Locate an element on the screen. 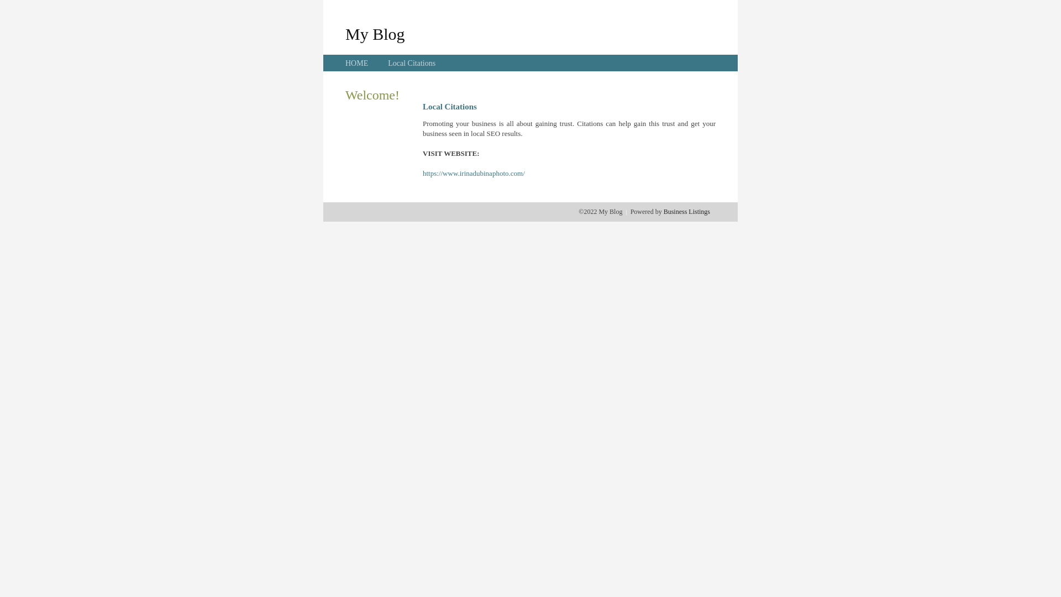 This screenshot has width=1061, height=597. 'My Blog' is located at coordinates (344, 33).